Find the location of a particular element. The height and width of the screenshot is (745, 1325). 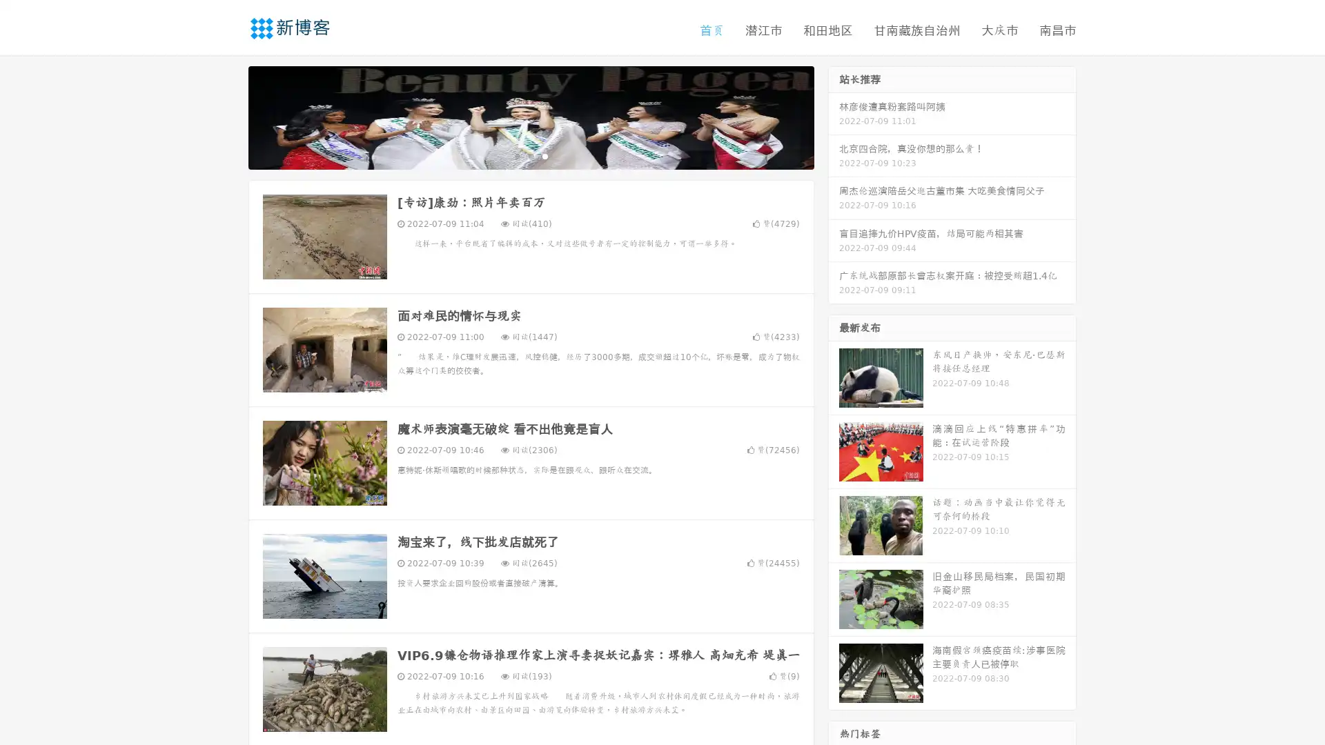

Go to slide 2 is located at coordinates (530, 155).